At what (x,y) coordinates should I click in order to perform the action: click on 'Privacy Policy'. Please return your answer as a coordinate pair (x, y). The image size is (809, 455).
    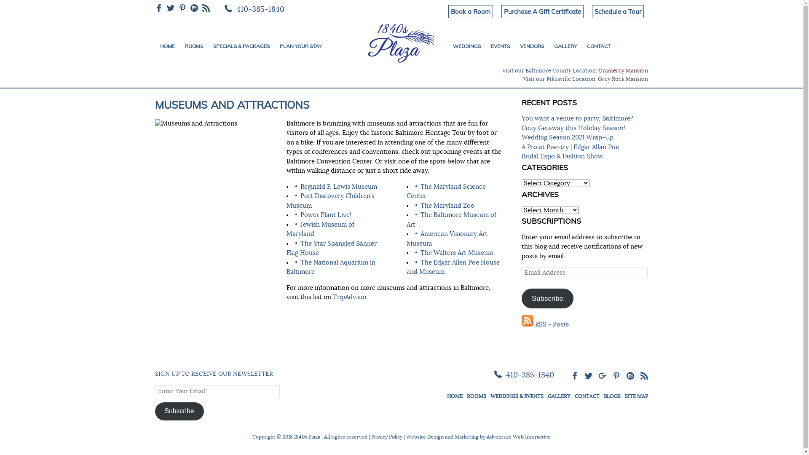
    Looking at the image, I should click on (386, 436).